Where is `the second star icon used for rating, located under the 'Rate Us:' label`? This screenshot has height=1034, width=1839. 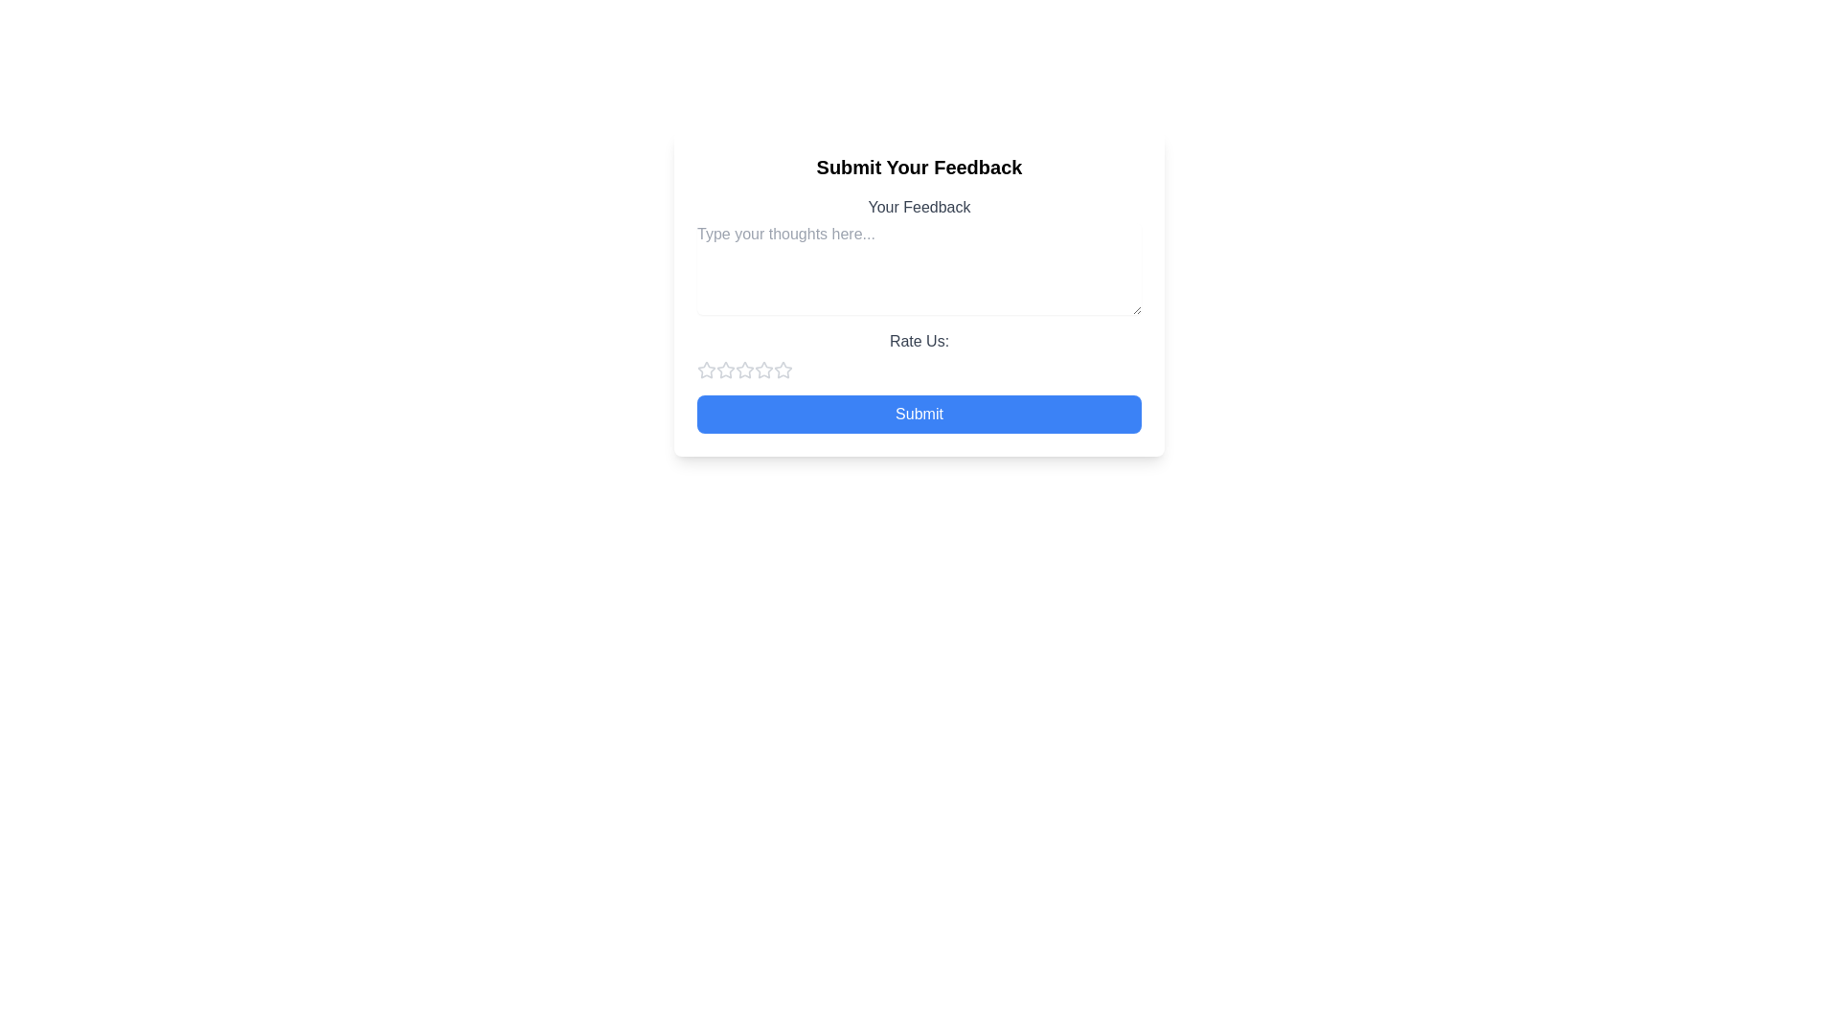 the second star icon used for rating, located under the 'Rate Us:' label is located at coordinates (743, 370).